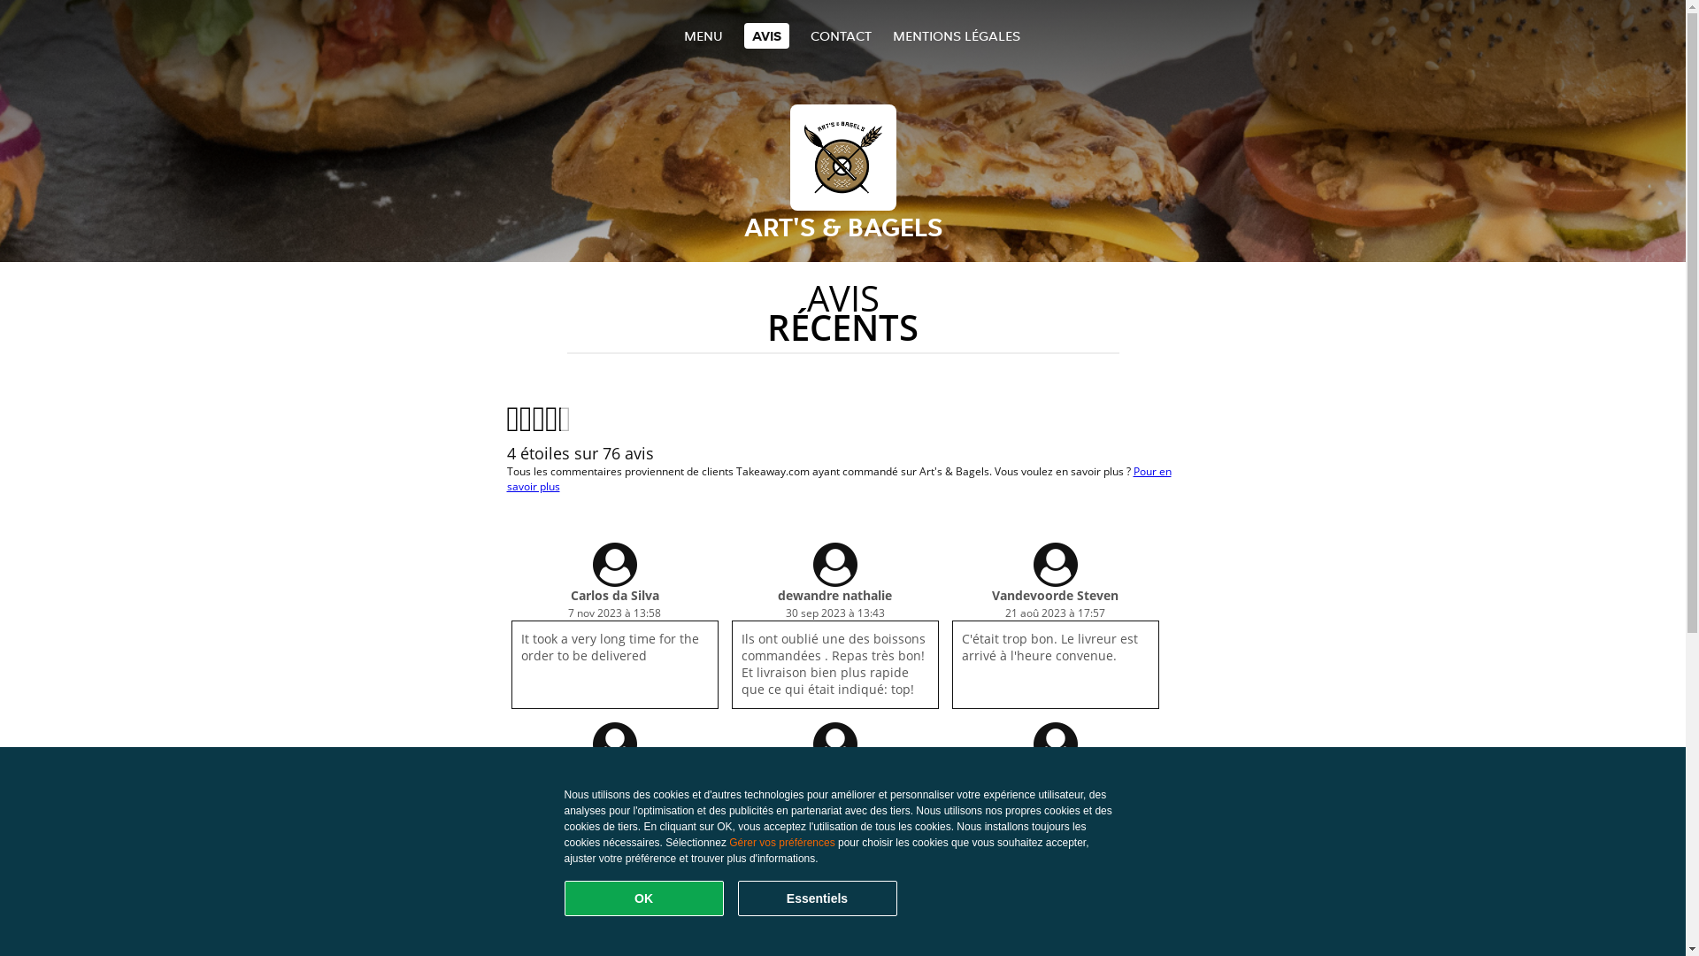 This screenshot has width=1699, height=956. Describe the element at coordinates (816, 898) in the screenshot. I see `'Essentiels'` at that location.